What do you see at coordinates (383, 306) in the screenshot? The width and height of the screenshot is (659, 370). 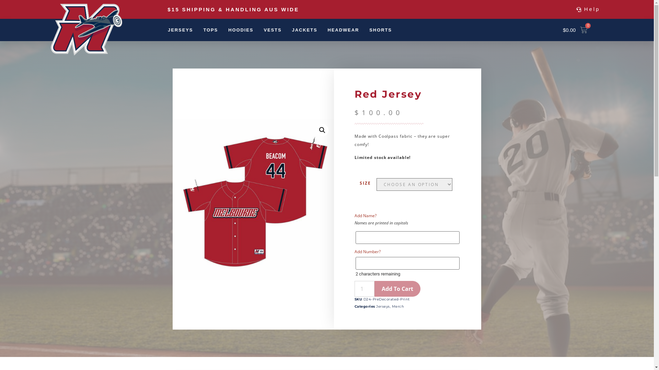 I see `'Jerseys'` at bounding box center [383, 306].